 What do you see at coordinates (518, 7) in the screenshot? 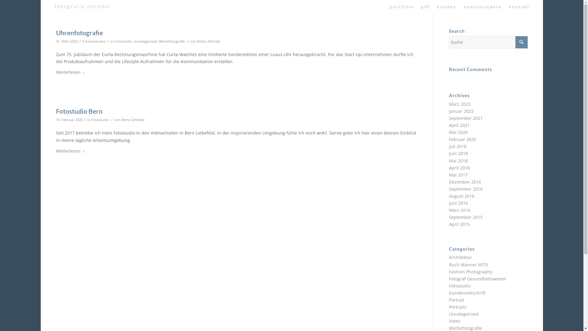
I see `'k o n t a k t'` at bounding box center [518, 7].